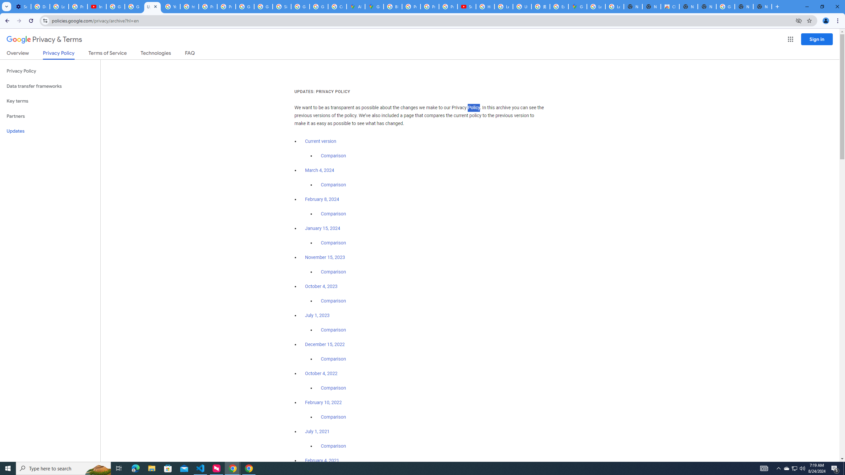  I want to click on 'https://scholar.google.com/', so click(189, 6).